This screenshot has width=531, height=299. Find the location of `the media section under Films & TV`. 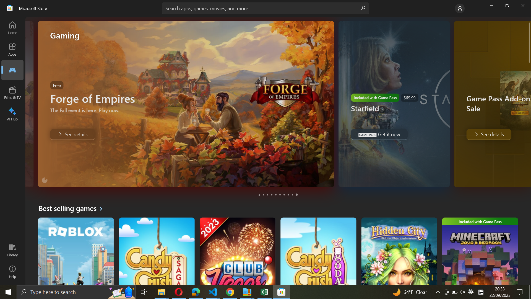

the media section under Films & TV is located at coordinates (12, 70).